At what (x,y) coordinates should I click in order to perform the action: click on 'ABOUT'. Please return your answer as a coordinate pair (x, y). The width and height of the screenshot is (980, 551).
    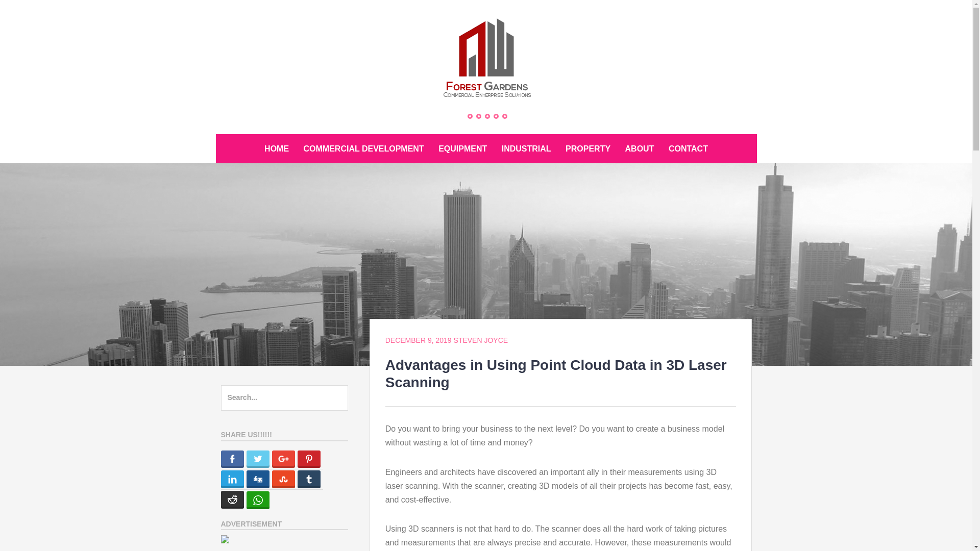
    Looking at the image, I should click on (639, 148).